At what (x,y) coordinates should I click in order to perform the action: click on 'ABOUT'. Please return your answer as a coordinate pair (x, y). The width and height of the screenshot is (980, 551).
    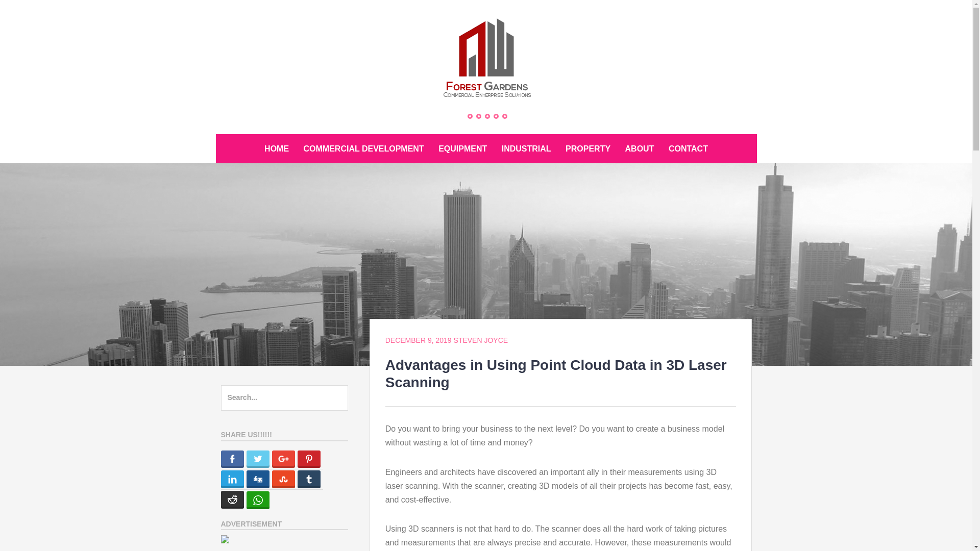
    Looking at the image, I should click on (639, 148).